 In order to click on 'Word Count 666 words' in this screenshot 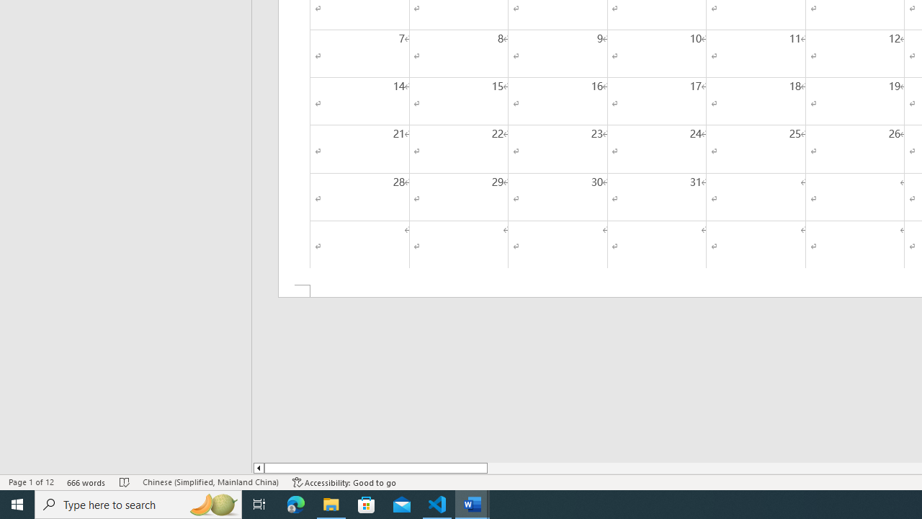, I will do `click(86, 482)`.